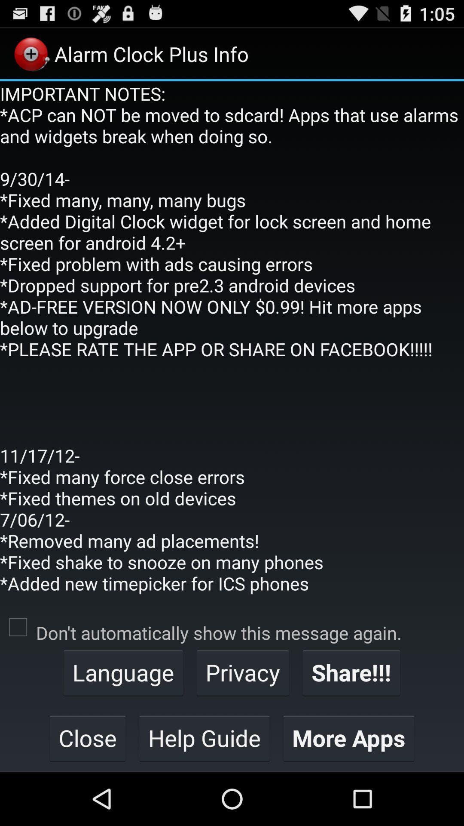 This screenshot has height=826, width=464. Describe the element at coordinates (243, 672) in the screenshot. I see `privacy item` at that location.